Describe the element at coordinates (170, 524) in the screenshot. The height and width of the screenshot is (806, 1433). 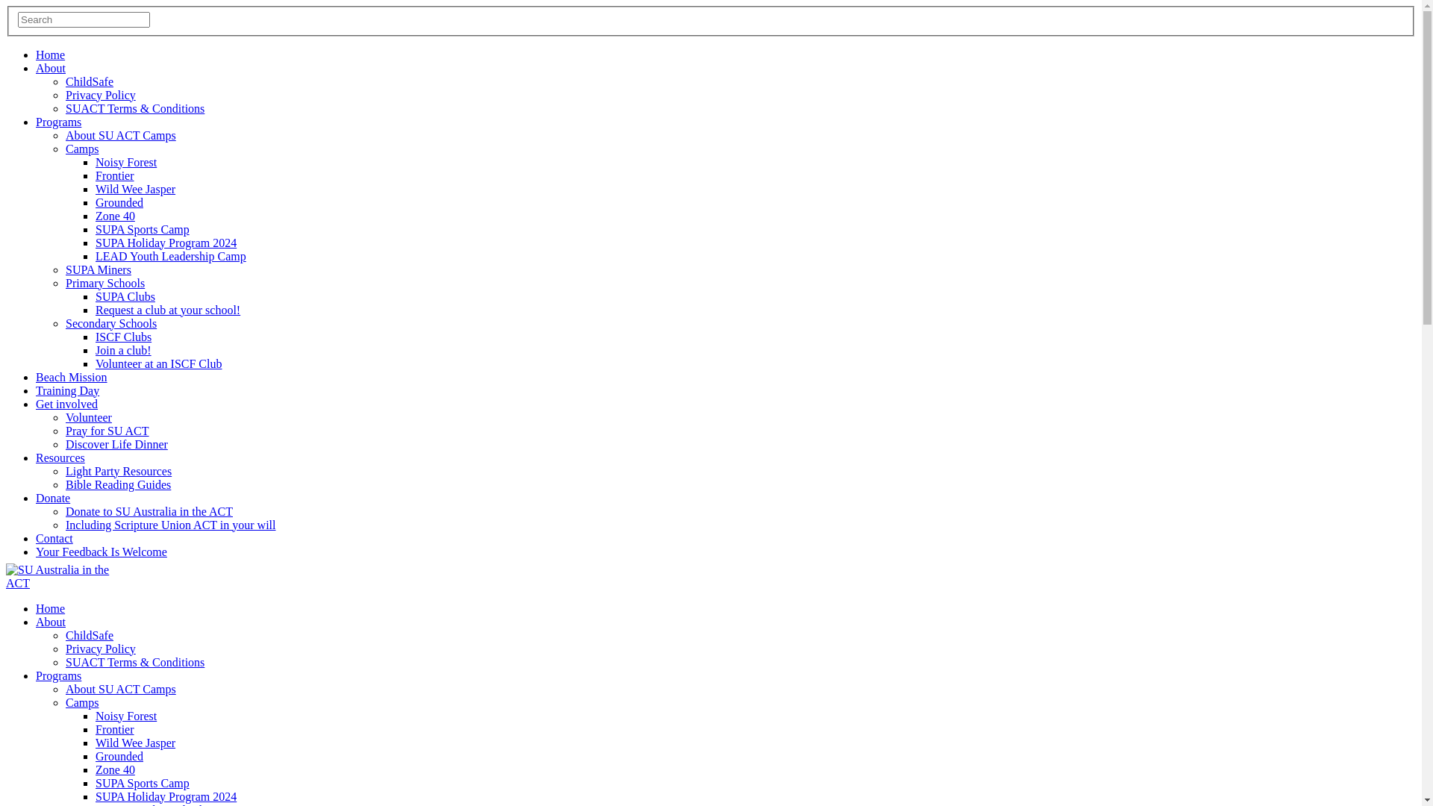
I see `'Including Scripture Union ACT in your will'` at that location.